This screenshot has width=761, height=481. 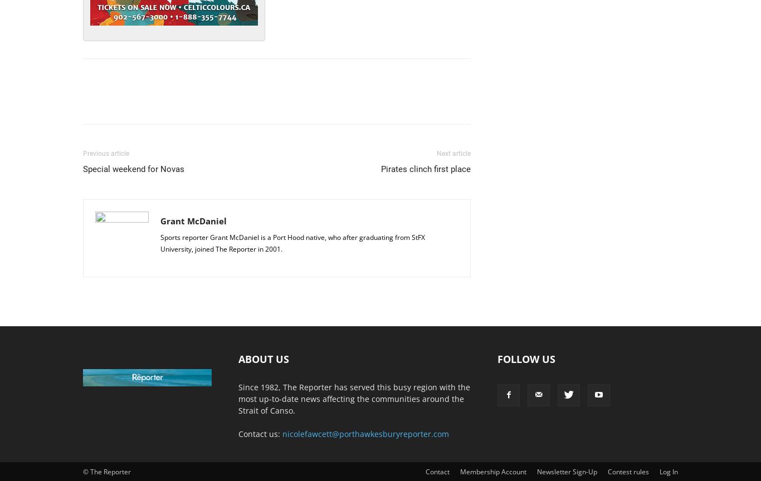 What do you see at coordinates (134, 169) in the screenshot?
I see `'Special weekend for Novas'` at bounding box center [134, 169].